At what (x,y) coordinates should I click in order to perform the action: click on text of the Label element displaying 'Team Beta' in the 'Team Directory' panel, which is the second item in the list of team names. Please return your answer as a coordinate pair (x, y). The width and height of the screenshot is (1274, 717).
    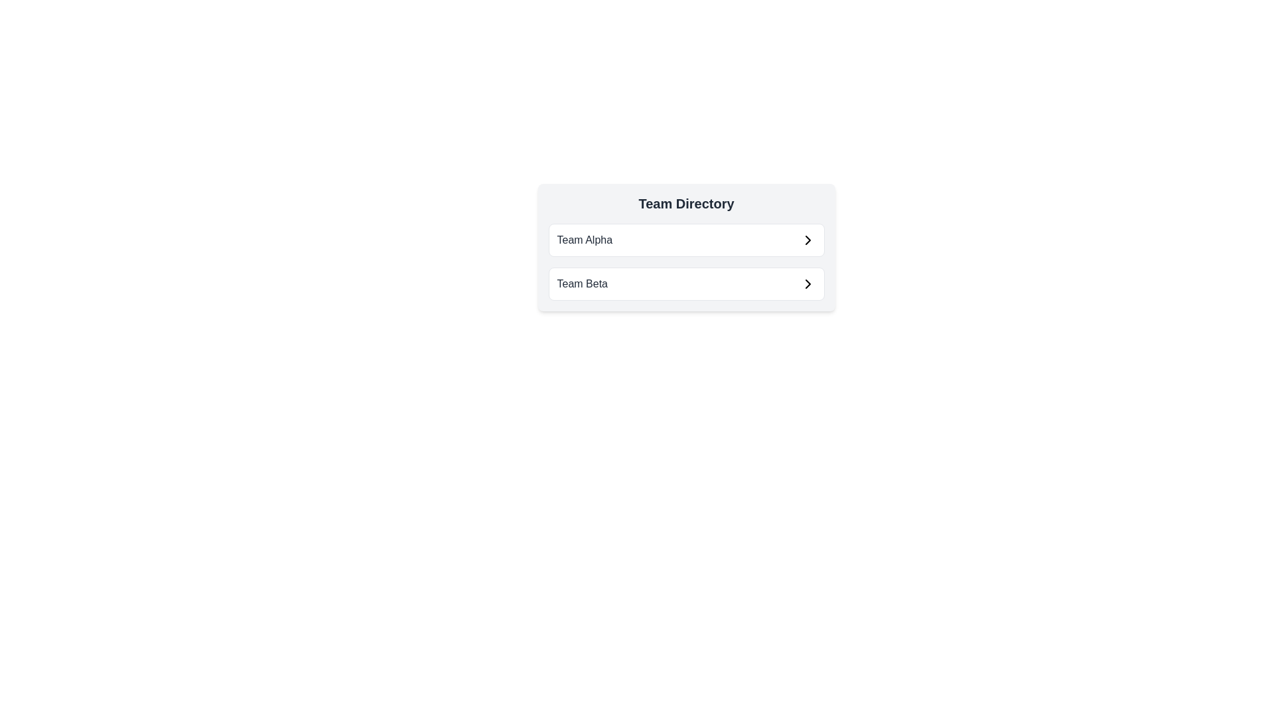
    Looking at the image, I should click on (582, 283).